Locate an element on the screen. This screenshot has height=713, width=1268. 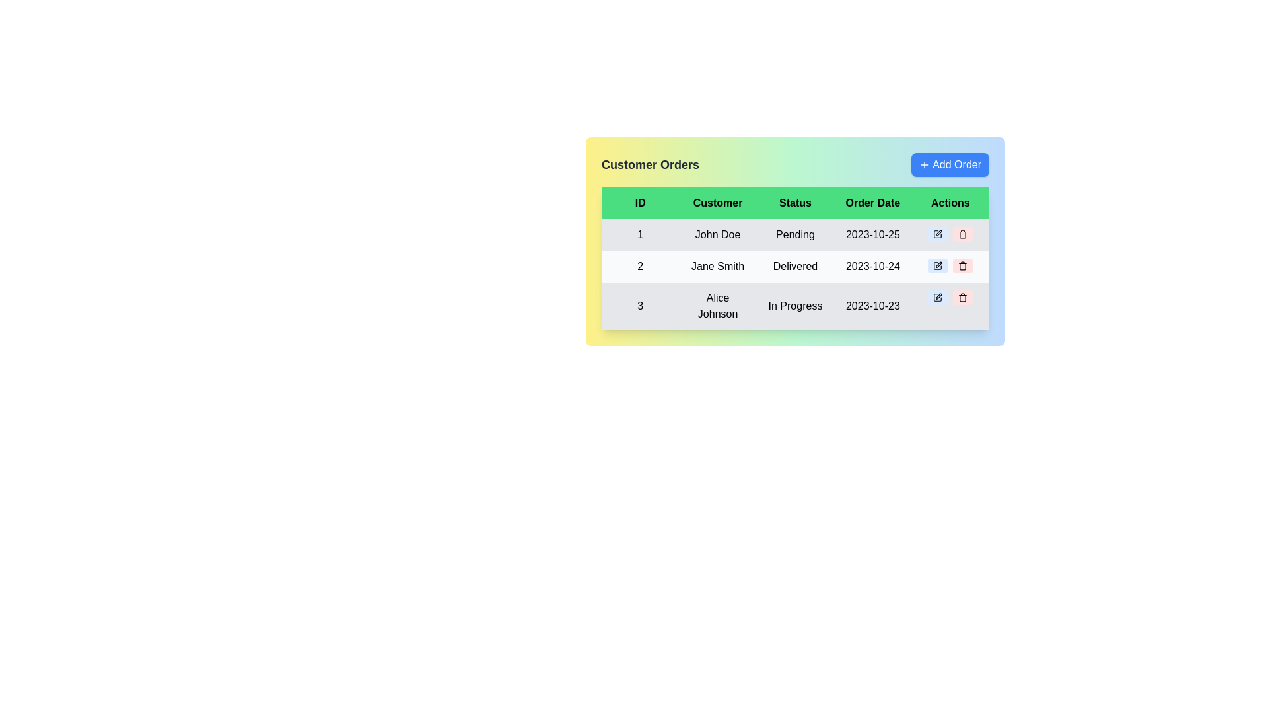
the 'Actions' text label, which is bold and centered within a green header cell, aligned at the far right of the header row in the table layout is located at coordinates (950, 203).